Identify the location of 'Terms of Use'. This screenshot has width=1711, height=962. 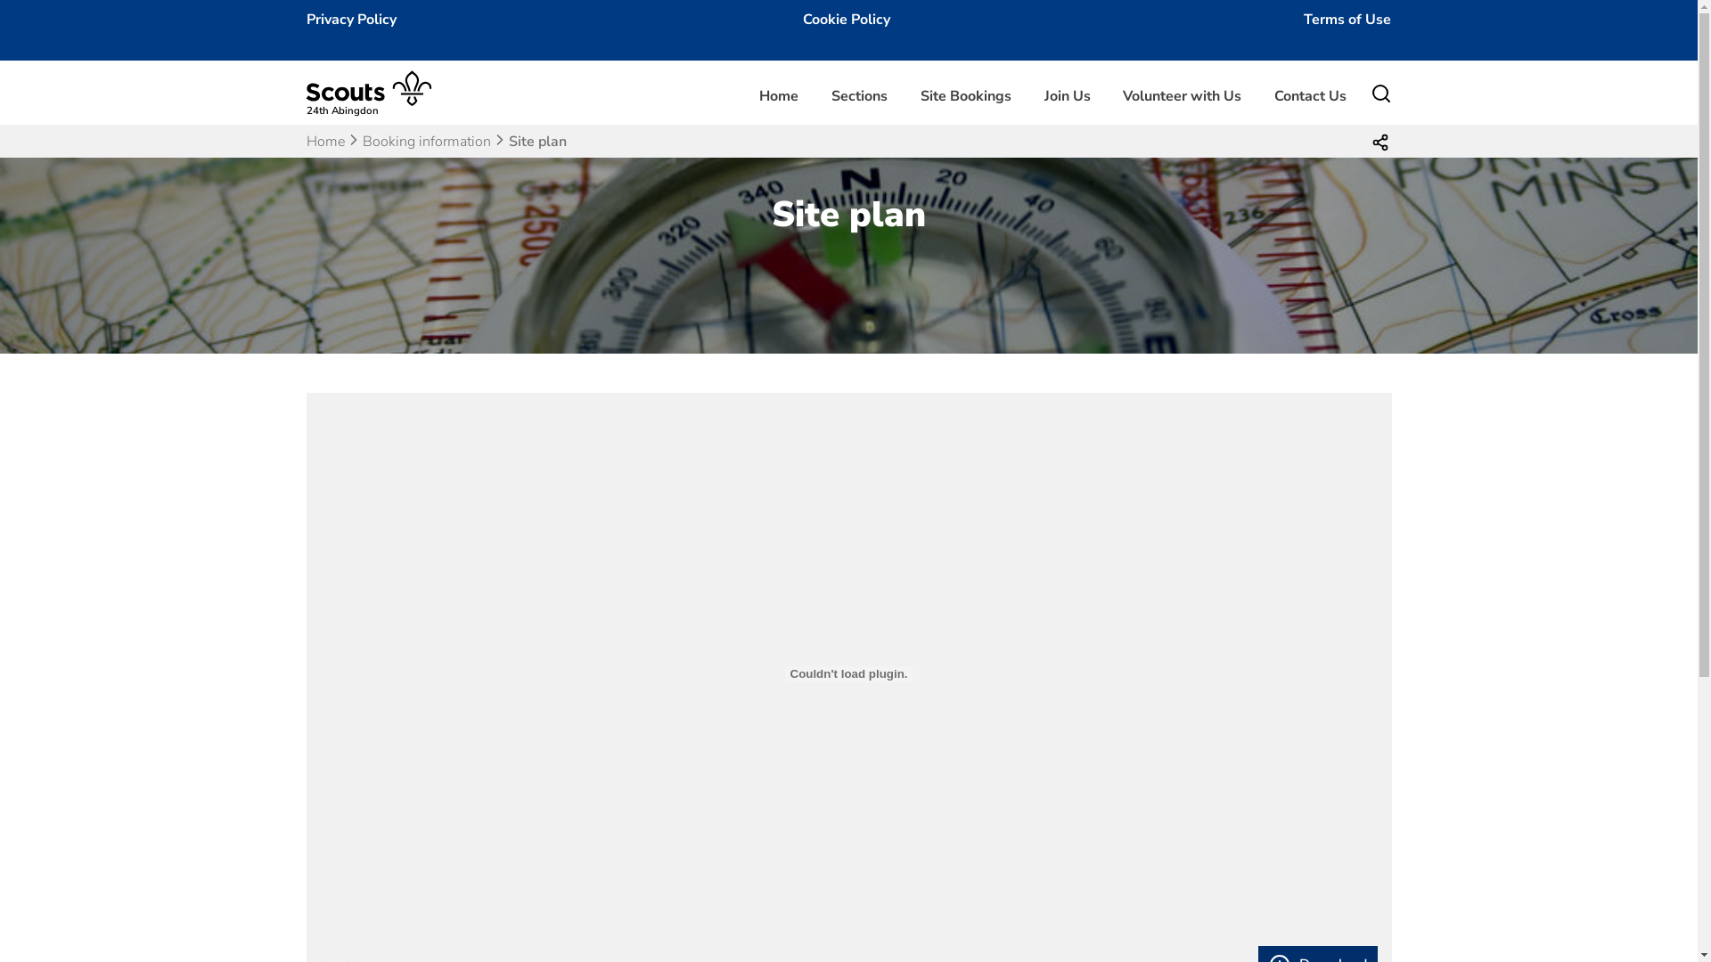
(1347, 20).